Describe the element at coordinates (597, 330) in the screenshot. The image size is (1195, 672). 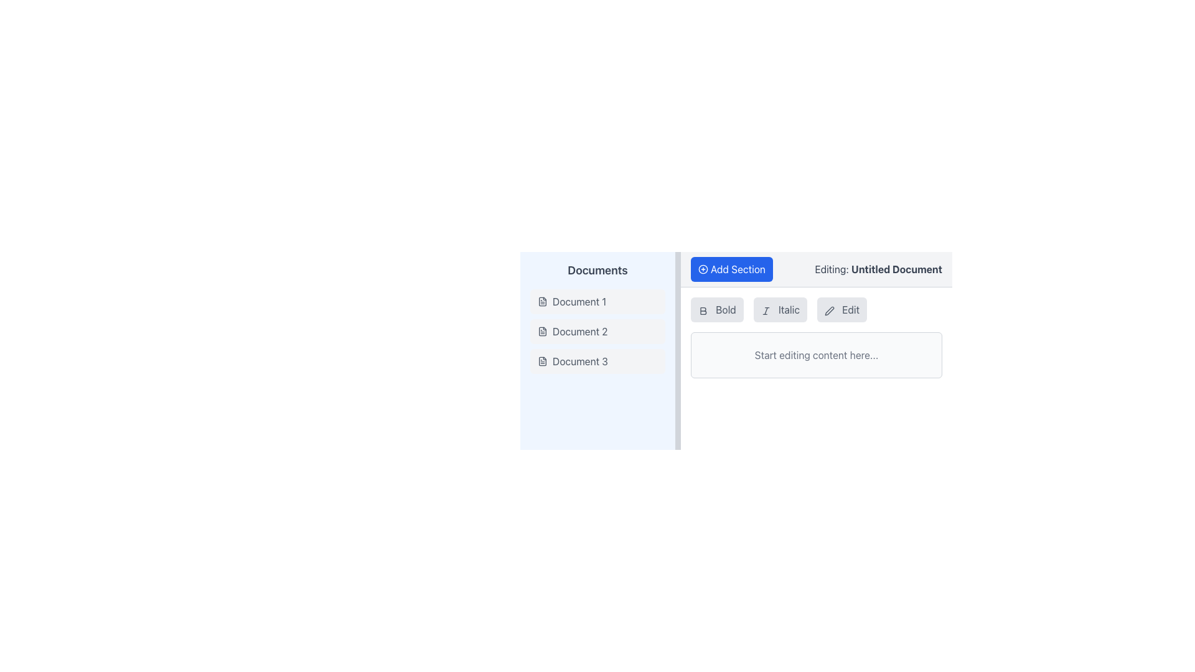
I see `the interactive list item labeled 'Document 2' to change its visual state` at that location.